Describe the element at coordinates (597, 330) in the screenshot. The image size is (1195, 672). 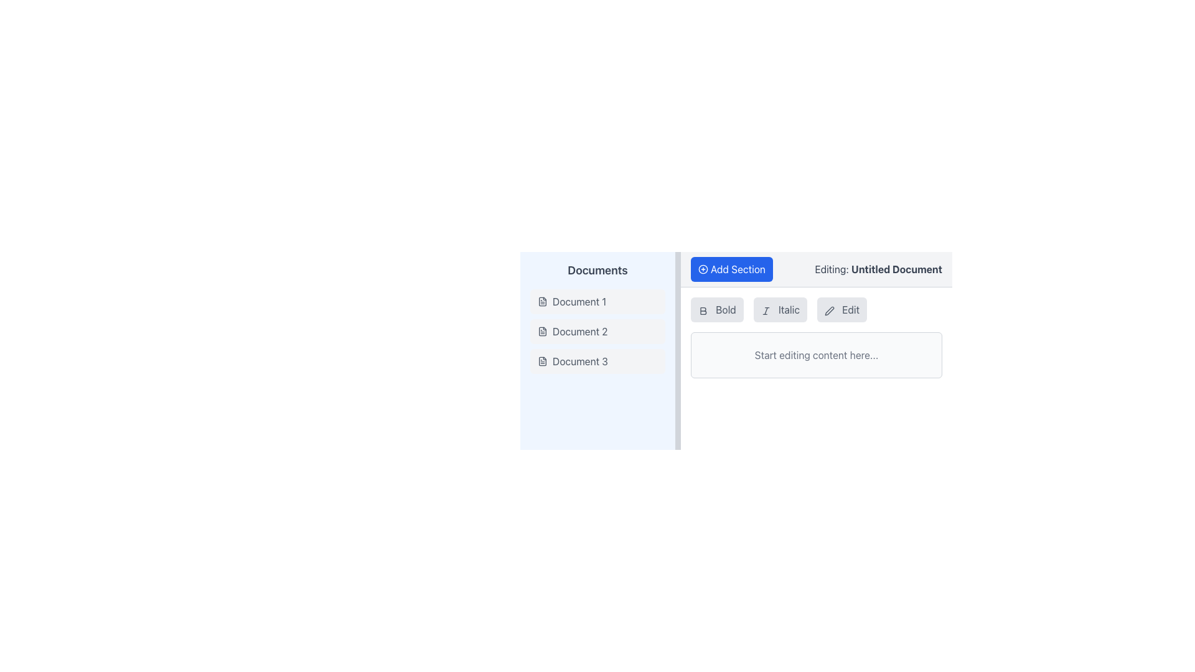
I see `the interactive list item labeled 'Document 2' to change its visual state` at that location.